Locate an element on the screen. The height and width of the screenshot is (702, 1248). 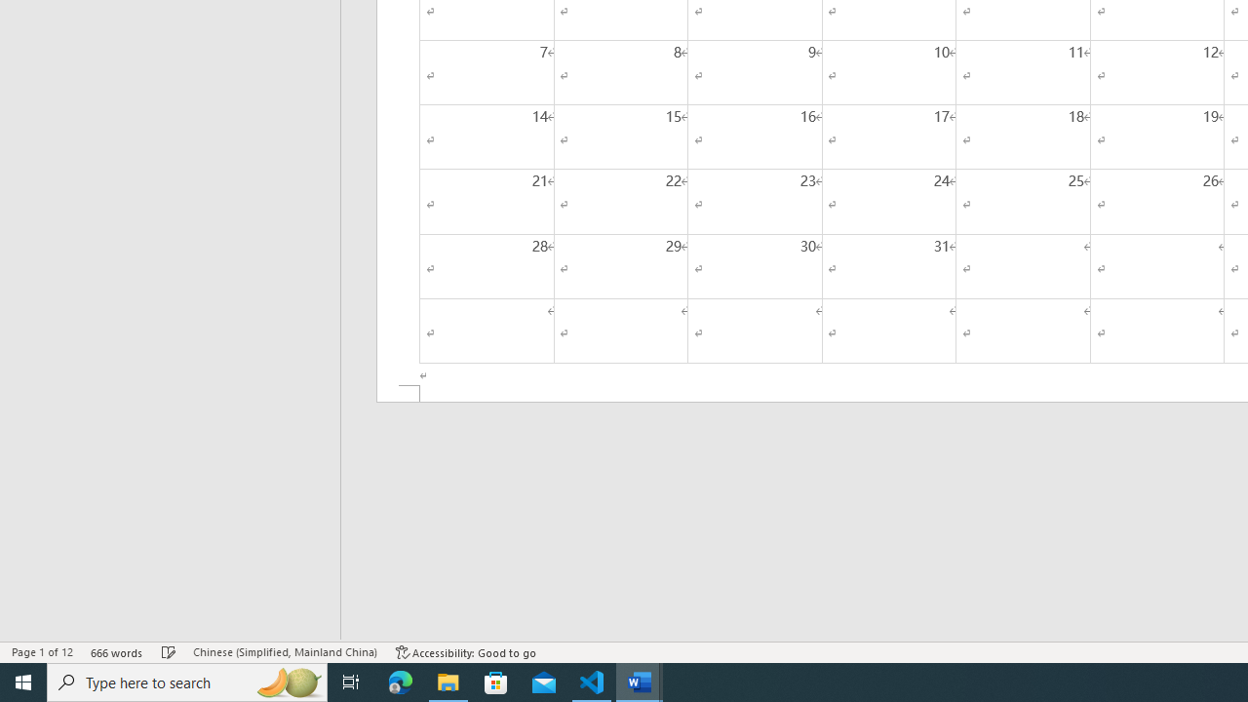
'Page Number Page 1 of 12' is located at coordinates (42, 652).